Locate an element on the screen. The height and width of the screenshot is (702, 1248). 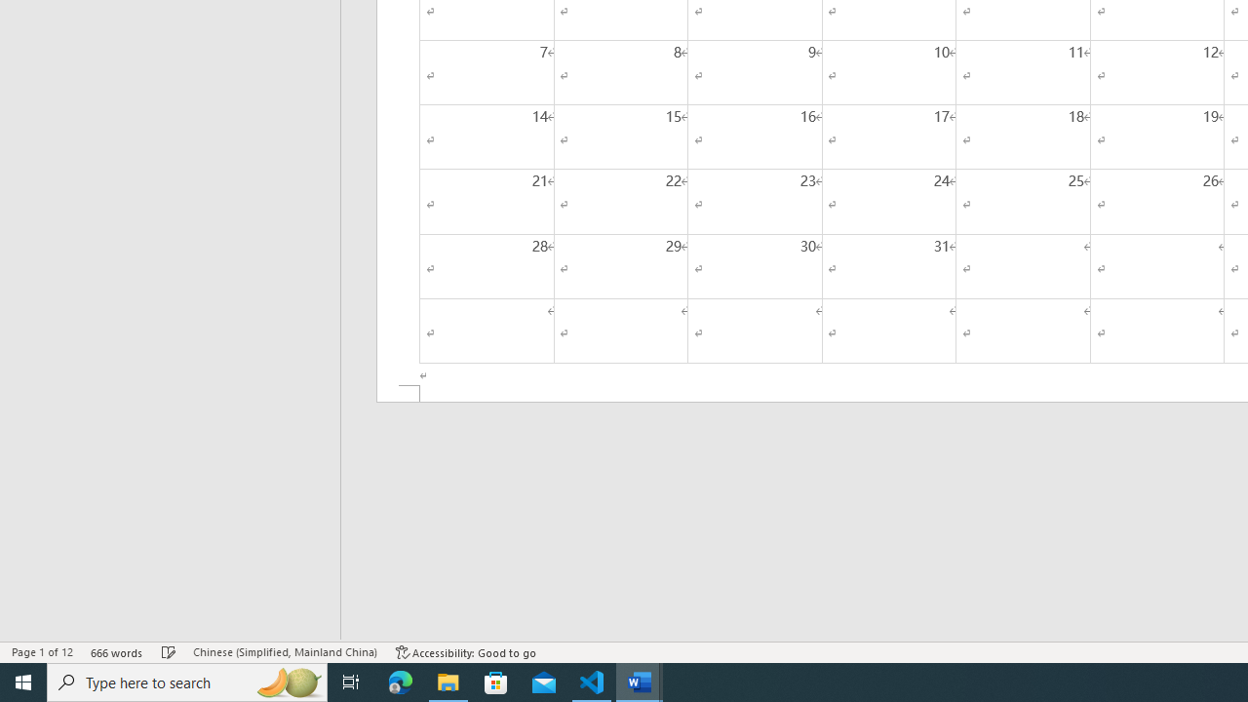
'Page Number Page 1 of 12' is located at coordinates (42, 652).